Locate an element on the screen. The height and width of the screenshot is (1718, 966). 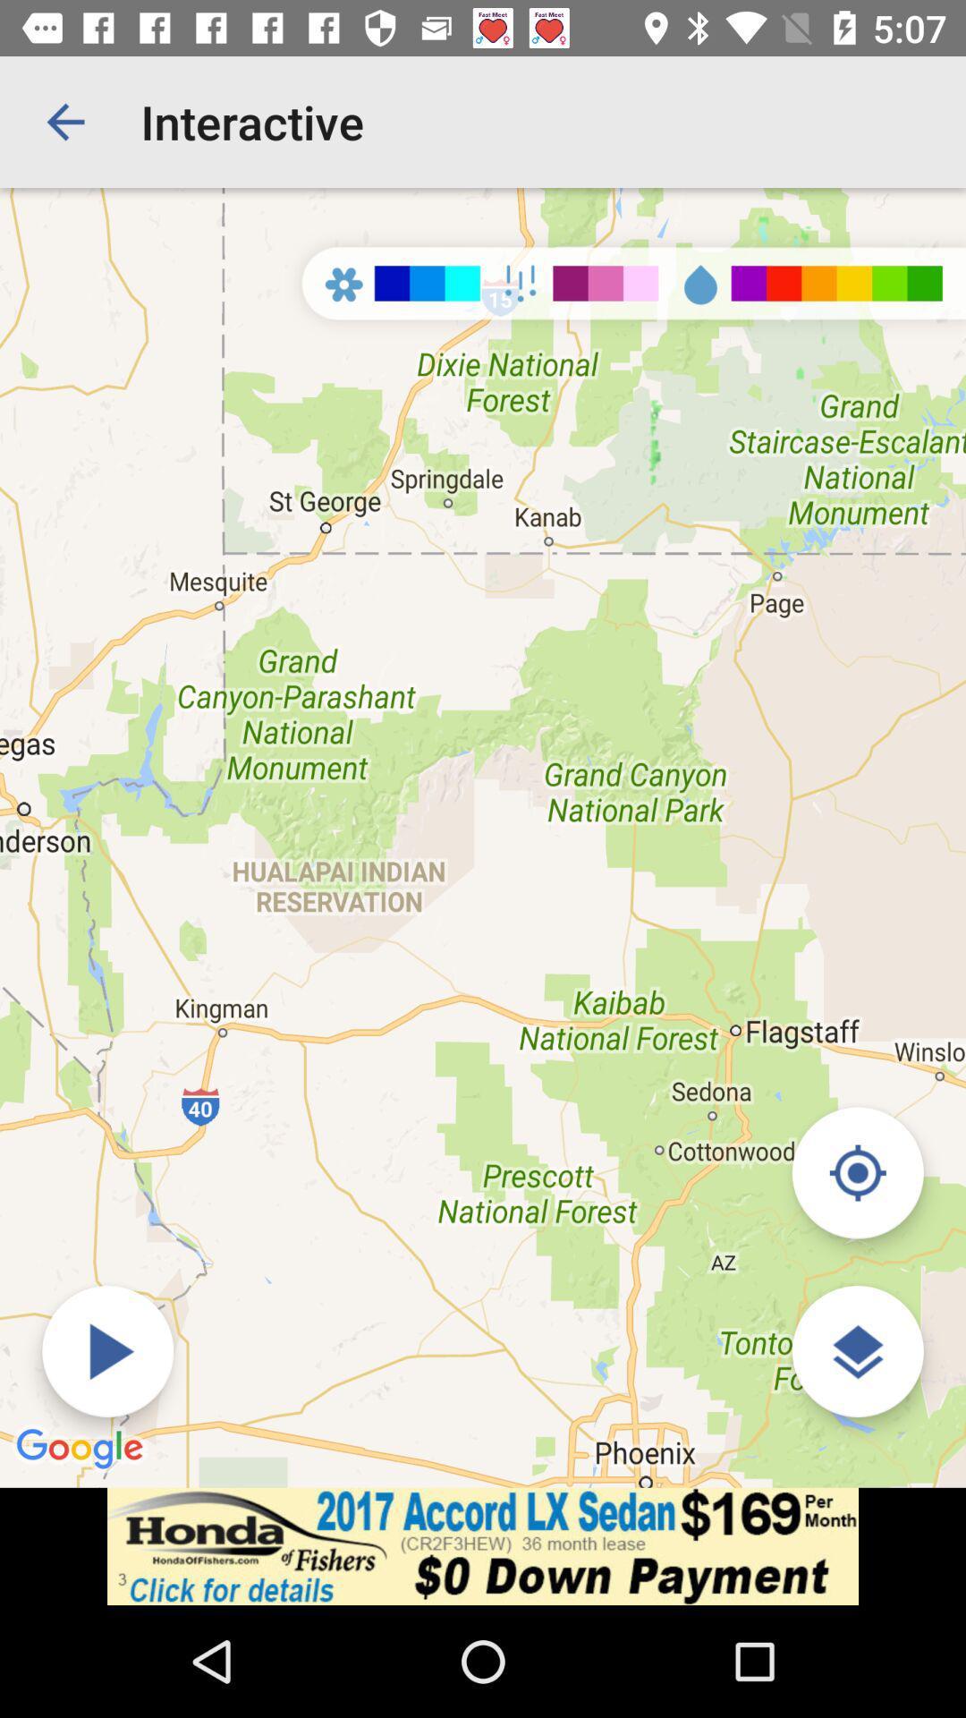
the layers icon is located at coordinates (857, 1351).